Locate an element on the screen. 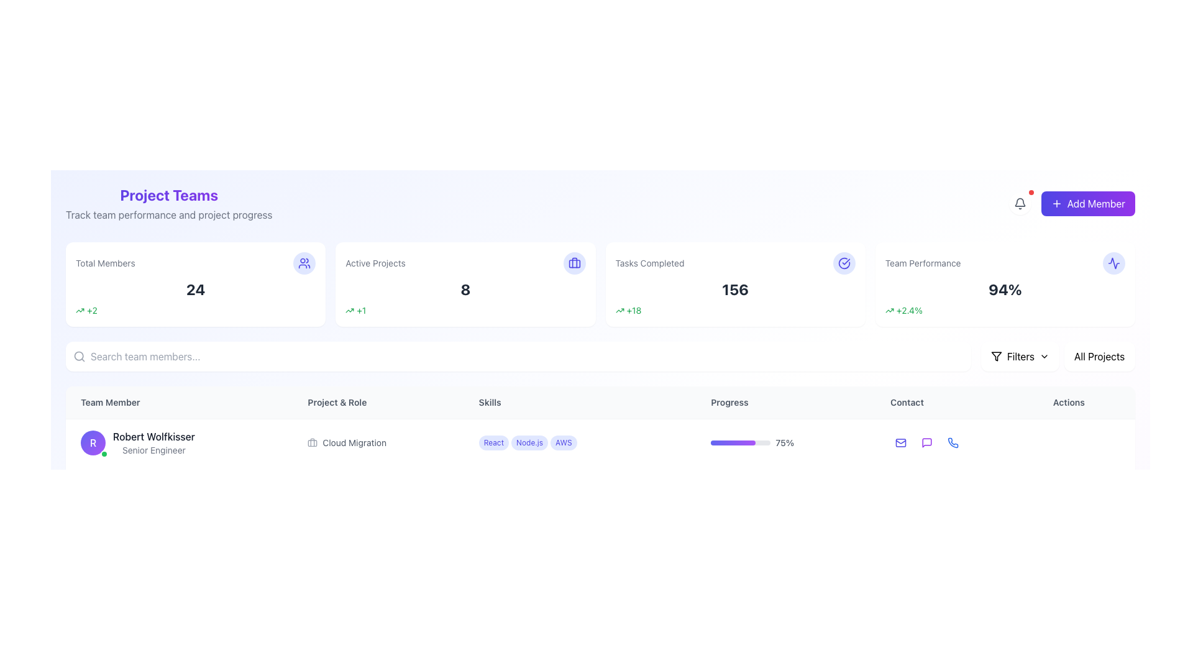  the blue phone icon in the 'Contact' column for 'Robert Wolfkisser' to initiate a phone call or reveal contact options is located at coordinates (953, 442).